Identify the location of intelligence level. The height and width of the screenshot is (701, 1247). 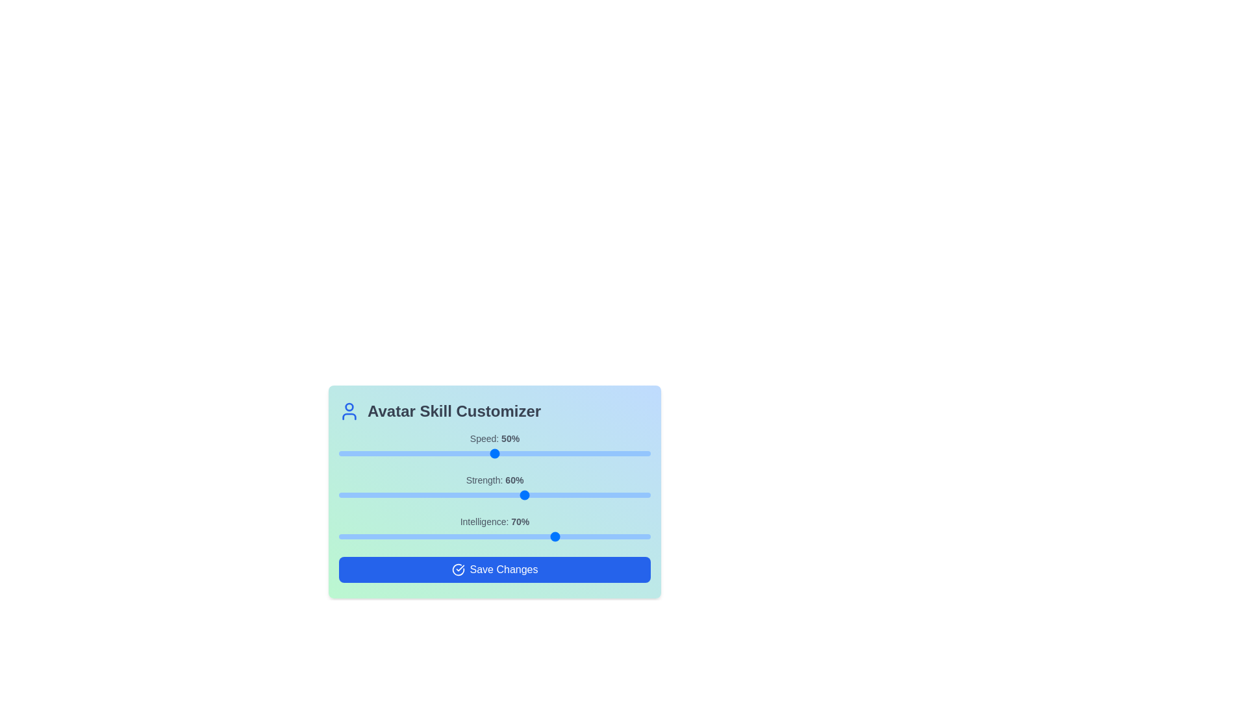
(360, 536).